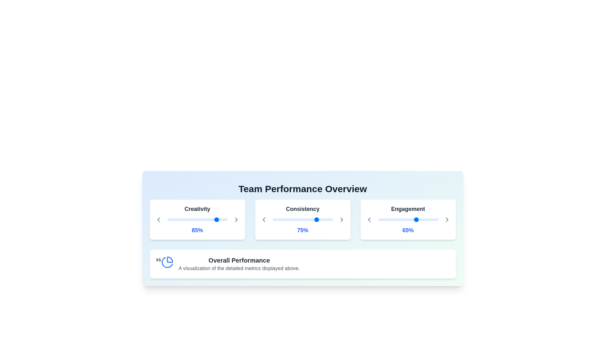 This screenshot has height=338, width=602. What do you see at coordinates (380, 219) in the screenshot?
I see `the engagement value` at bounding box center [380, 219].